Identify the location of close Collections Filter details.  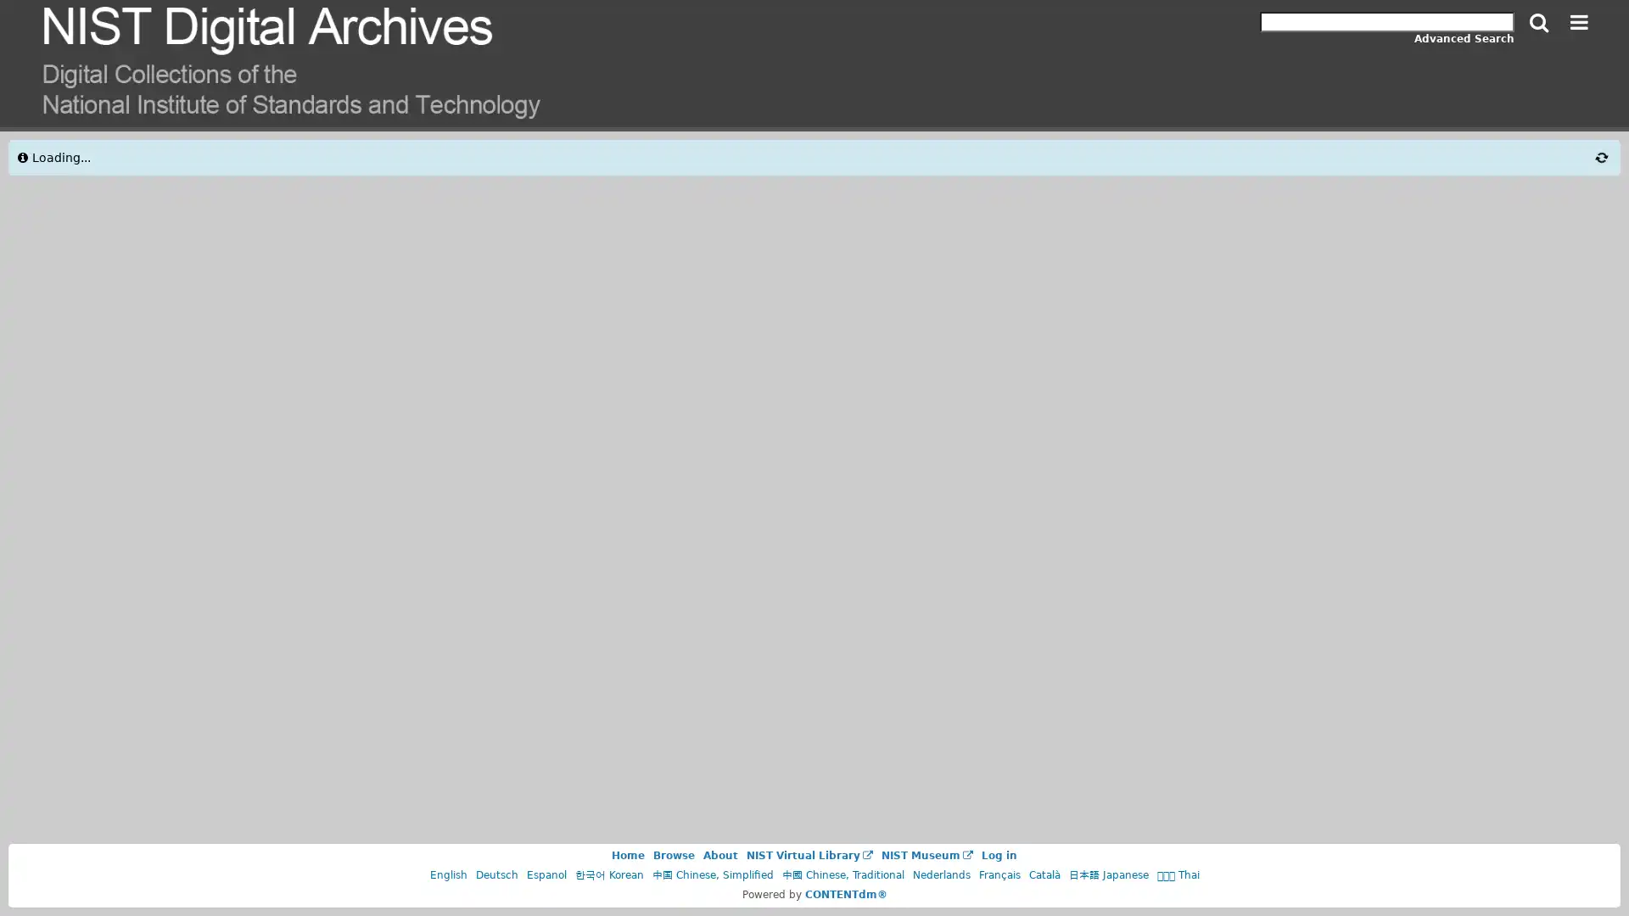
(65, 158).